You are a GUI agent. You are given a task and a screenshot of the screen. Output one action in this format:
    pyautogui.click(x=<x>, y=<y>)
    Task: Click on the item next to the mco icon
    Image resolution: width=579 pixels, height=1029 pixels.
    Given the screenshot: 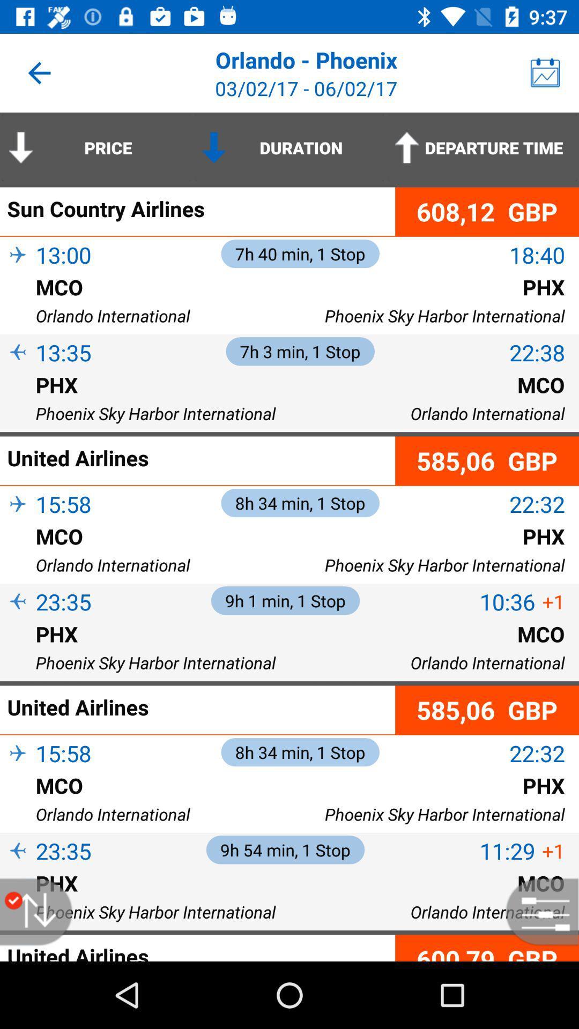 What is the action you would take?
    pyautogui.click(x=18, y=554)
    